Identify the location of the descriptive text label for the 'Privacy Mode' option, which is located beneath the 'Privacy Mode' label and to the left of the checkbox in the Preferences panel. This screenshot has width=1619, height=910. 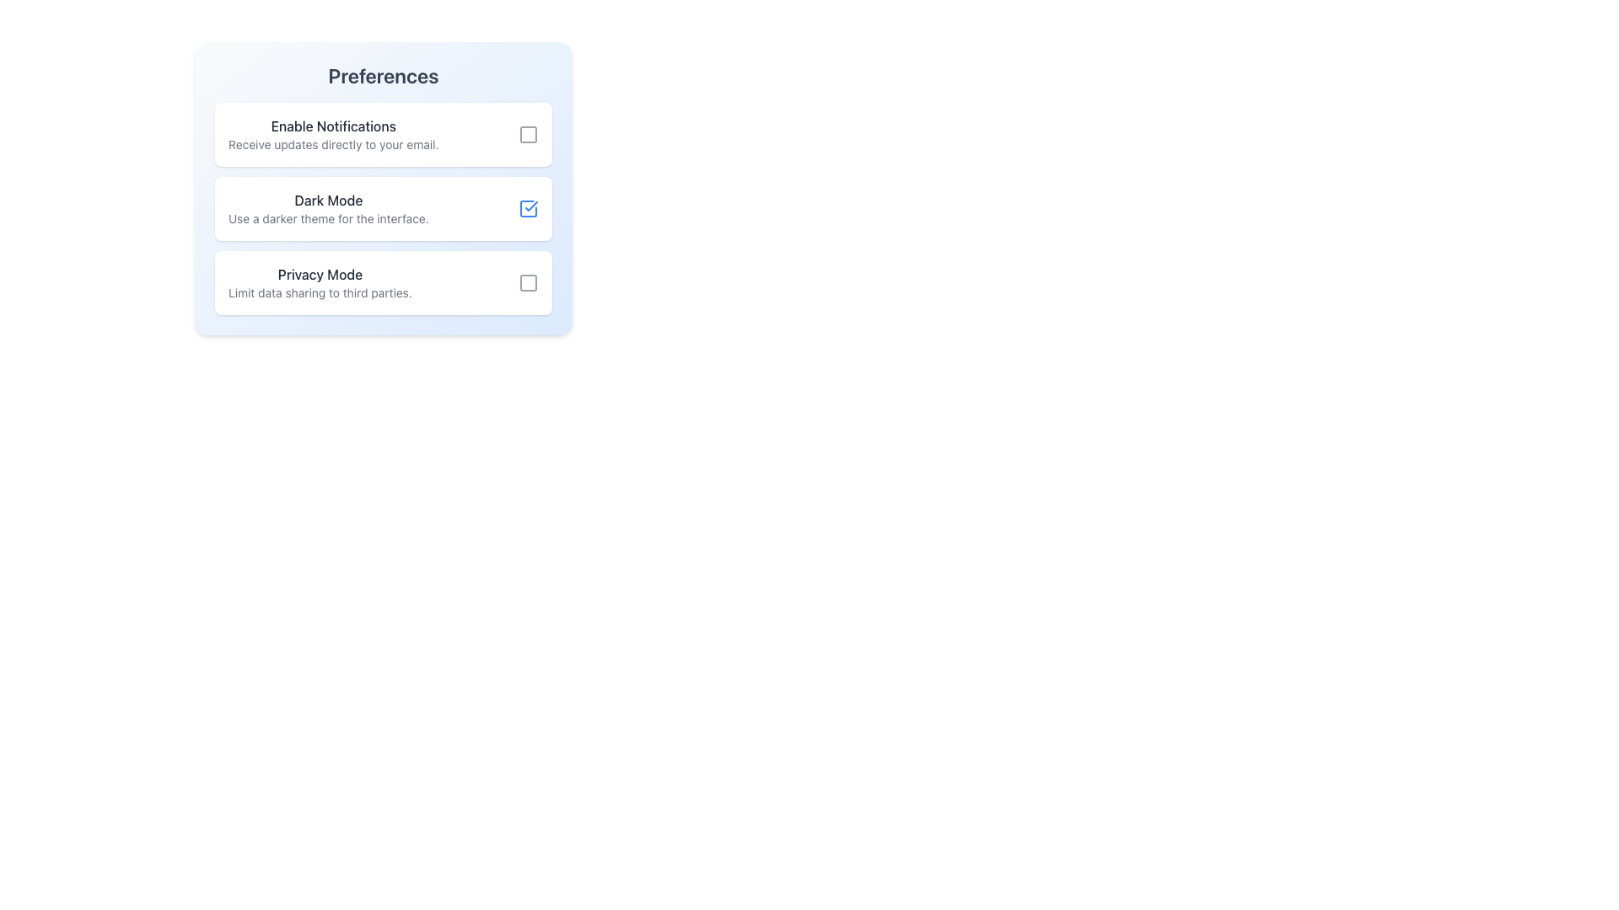
(320, 292).